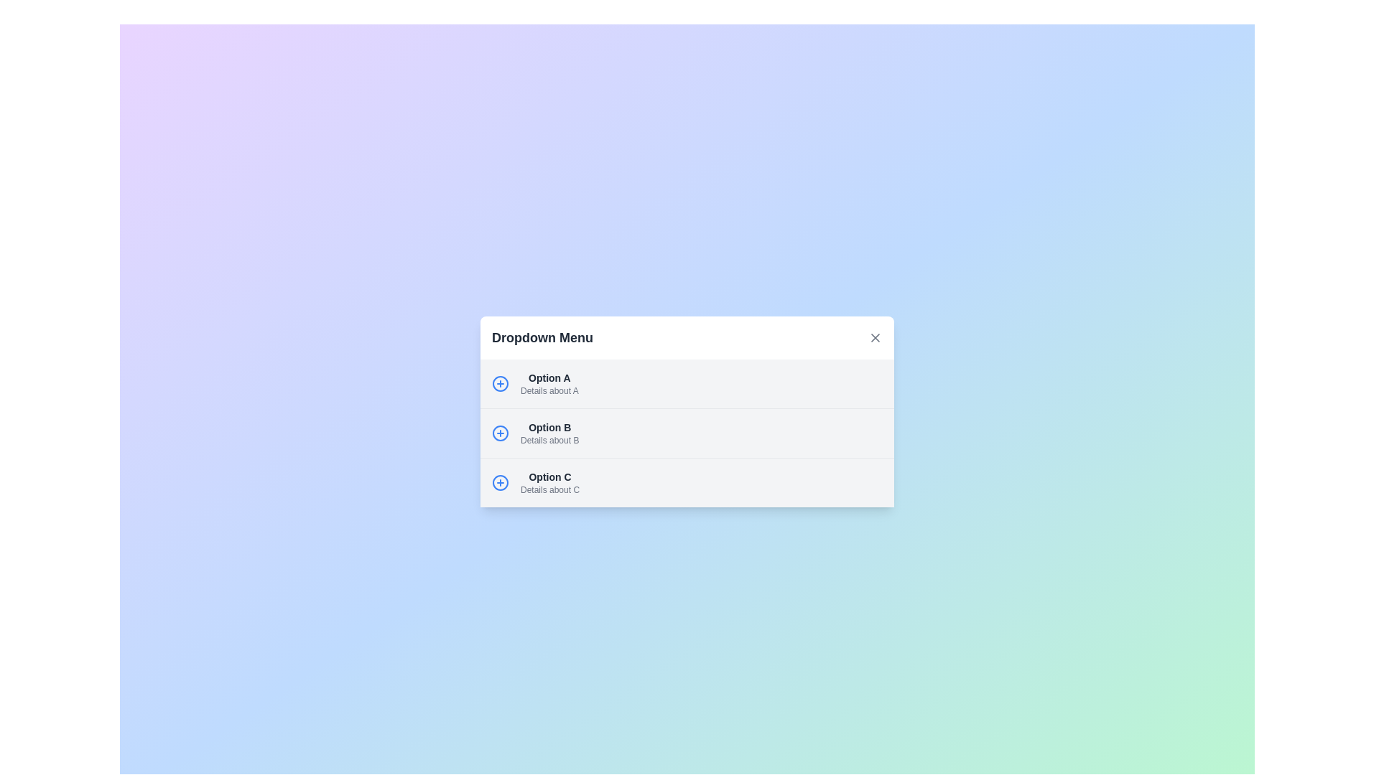  Describe the element at coordinates (500, 482) in the screenshot. I see `the circular button with a plus symbol, located to the left of 'Option C' in the third row of the dropdown menu` at that location.